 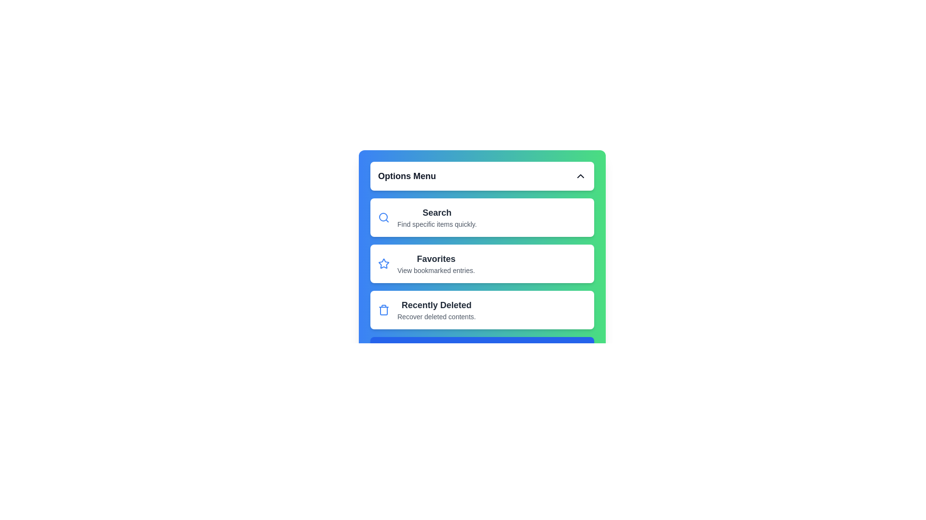 I want to click on the star-shaped icon with a blue outline located to the left of the 'Favorites' title in the options menu, so click(x=383, y=263).